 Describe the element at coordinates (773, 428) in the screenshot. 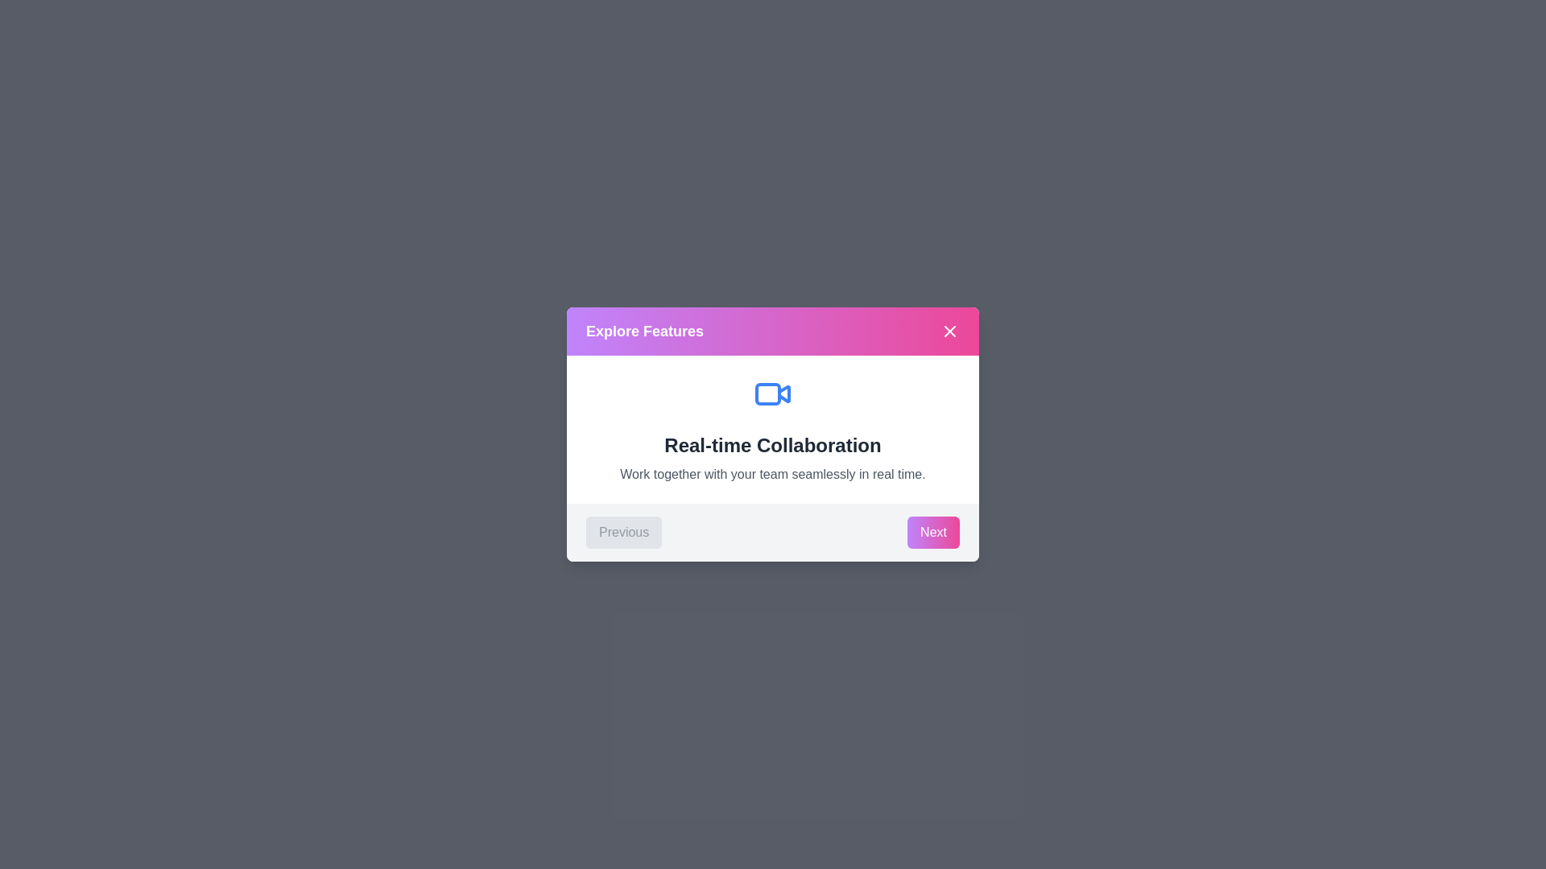

I see `the informational section that contains the title 'Real-time Collaboration' in bold and the description 'Work together with your team seamlessly in real time.'` at that location.